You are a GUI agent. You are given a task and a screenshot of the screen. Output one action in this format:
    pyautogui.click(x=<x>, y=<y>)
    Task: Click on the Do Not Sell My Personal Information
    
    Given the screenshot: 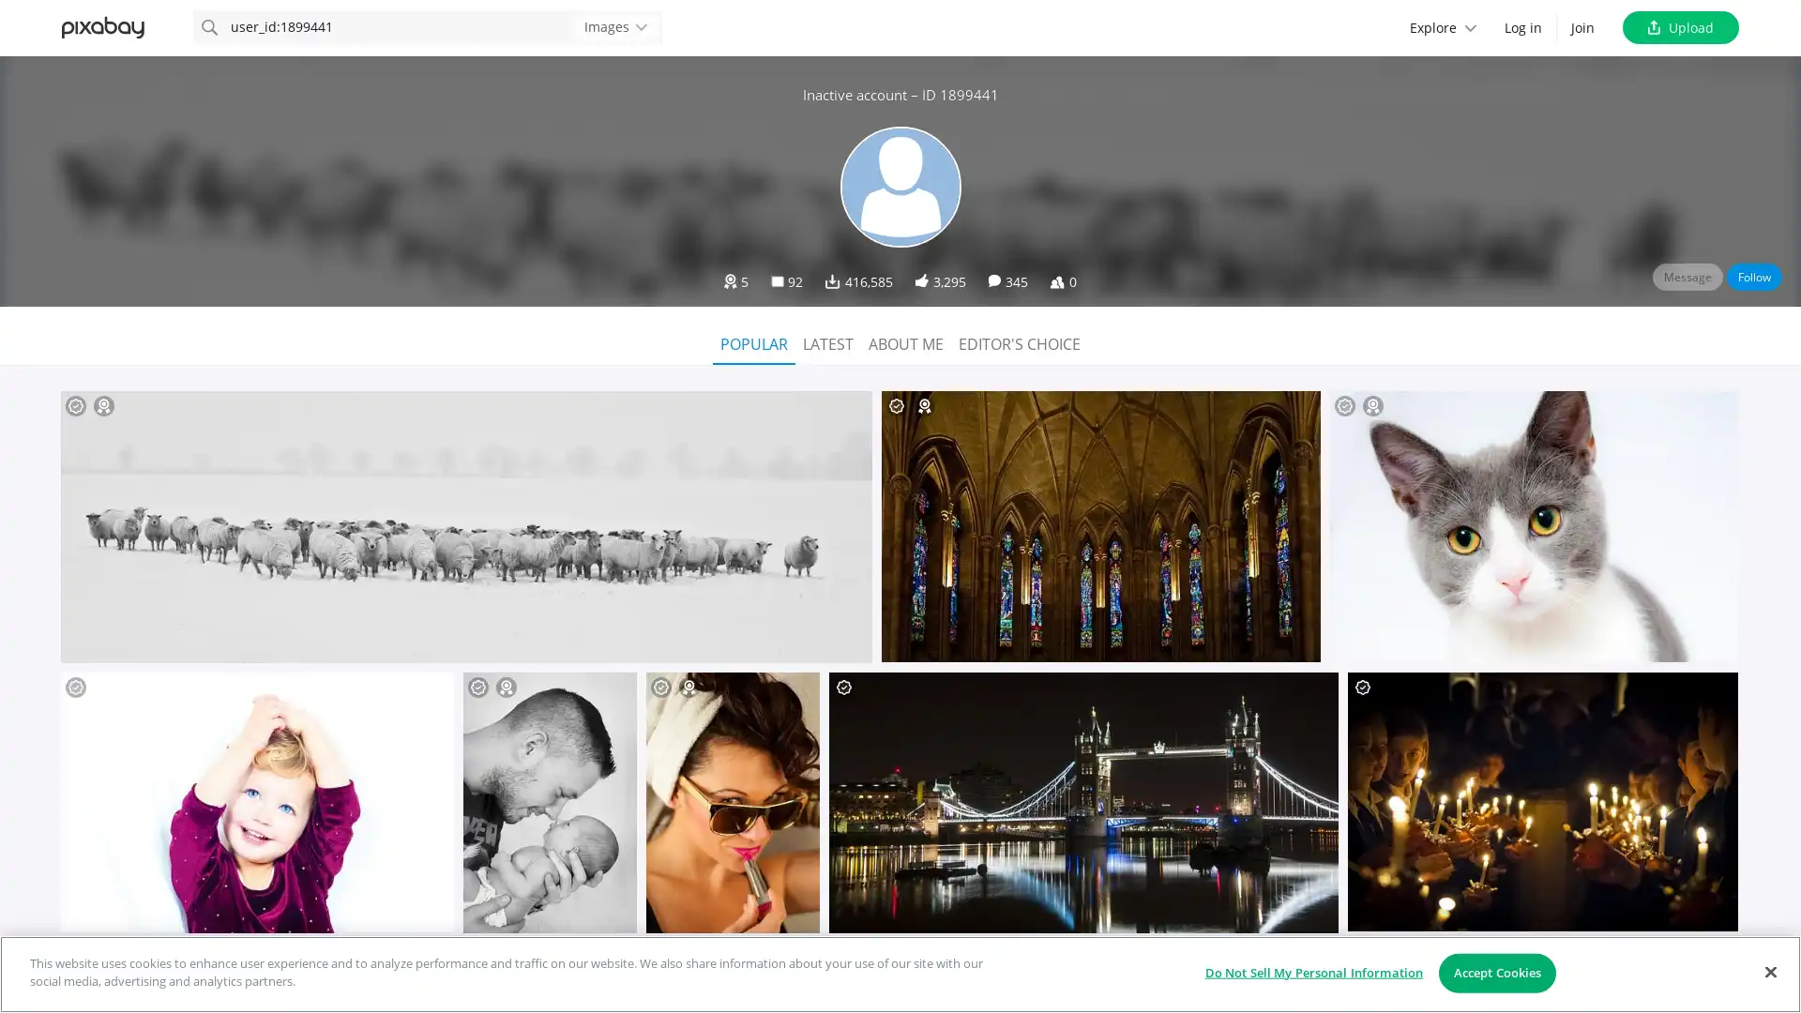 What is the action you would take?
    pyautogui.click(x=1312, y=972)
    